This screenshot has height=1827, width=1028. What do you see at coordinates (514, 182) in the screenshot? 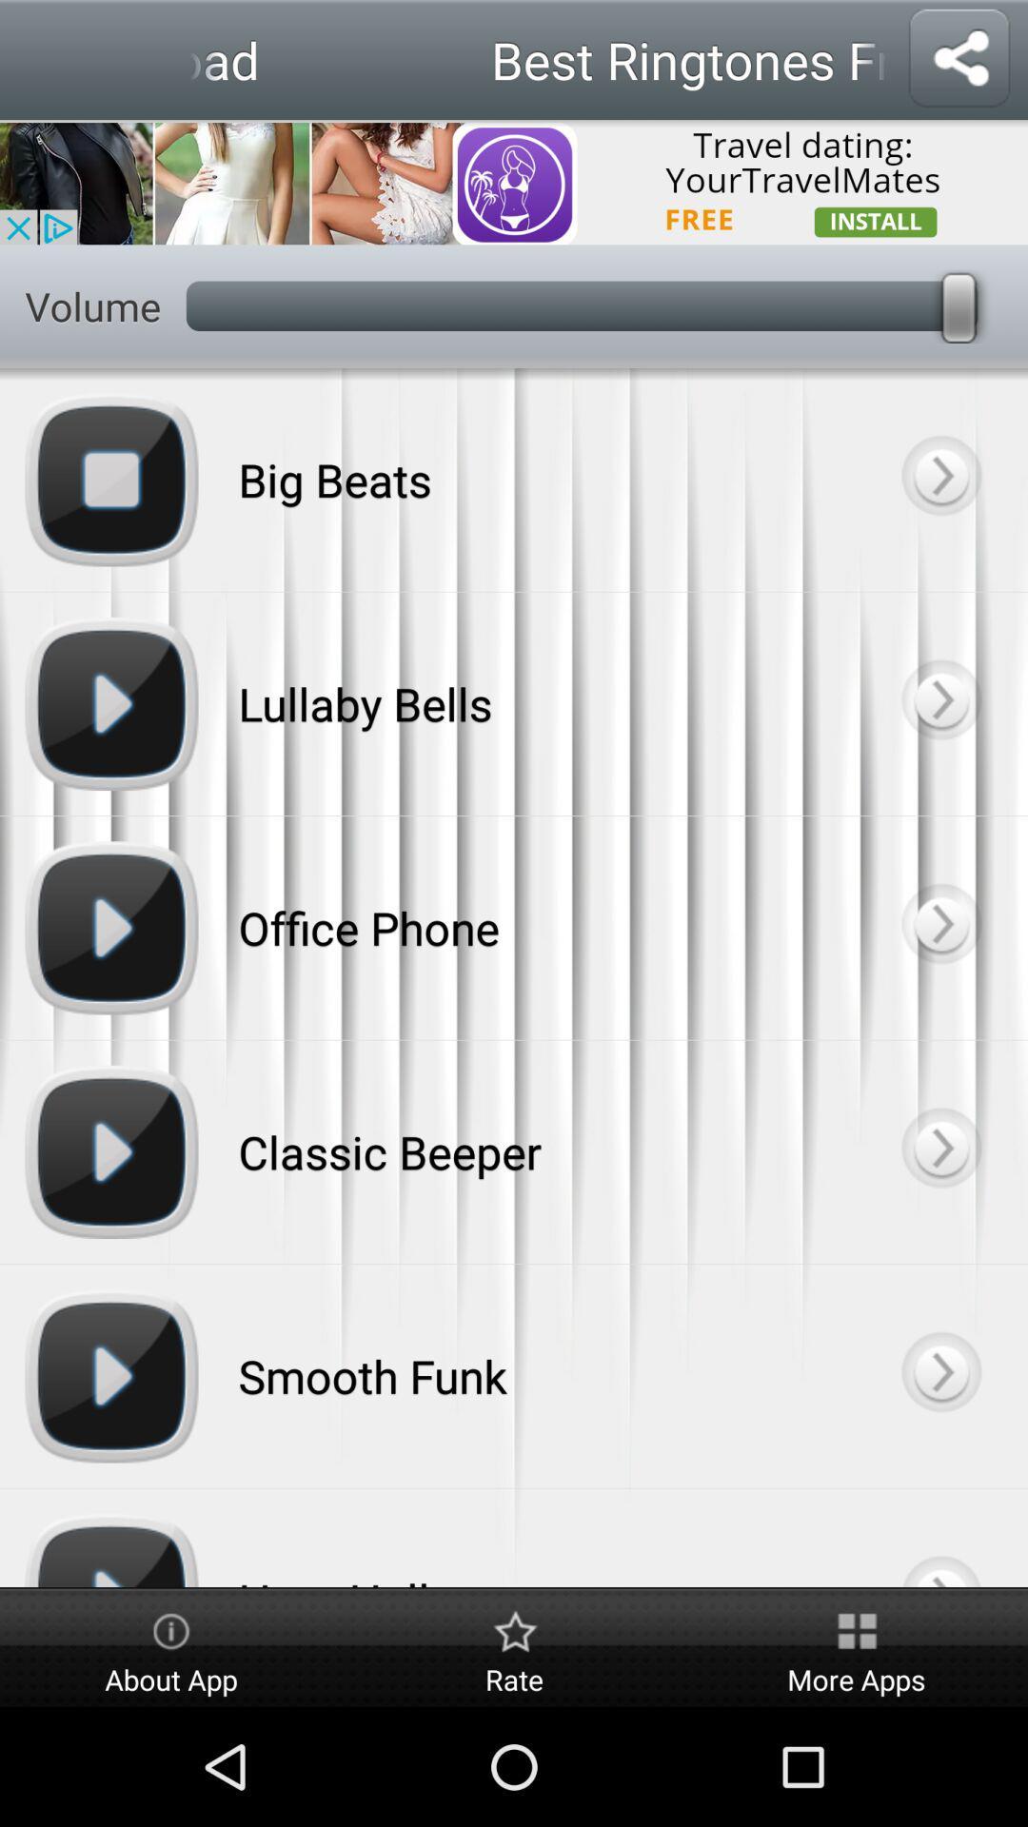
I see `opens an advertisement` at bounding box center [514, 182].